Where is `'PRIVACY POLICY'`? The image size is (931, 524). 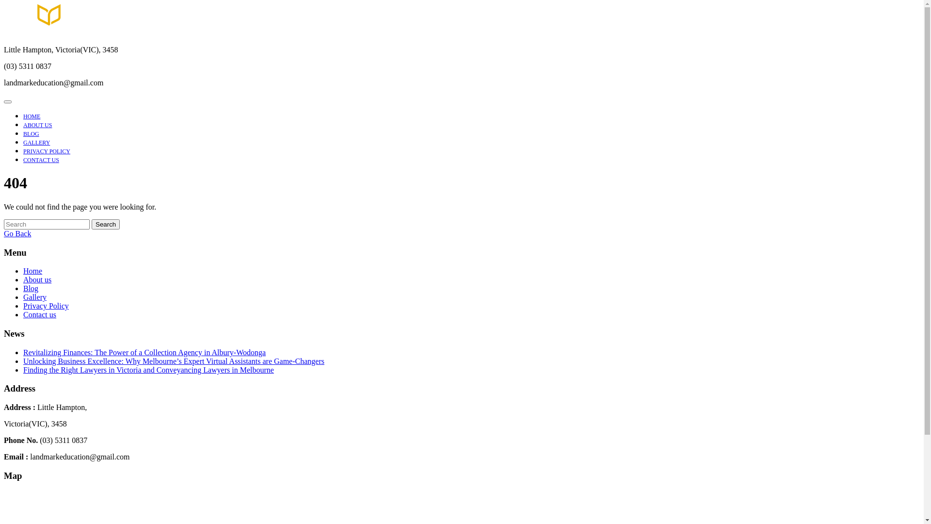 'PRIVACY POLICY' is located at coordinates (46, 151).